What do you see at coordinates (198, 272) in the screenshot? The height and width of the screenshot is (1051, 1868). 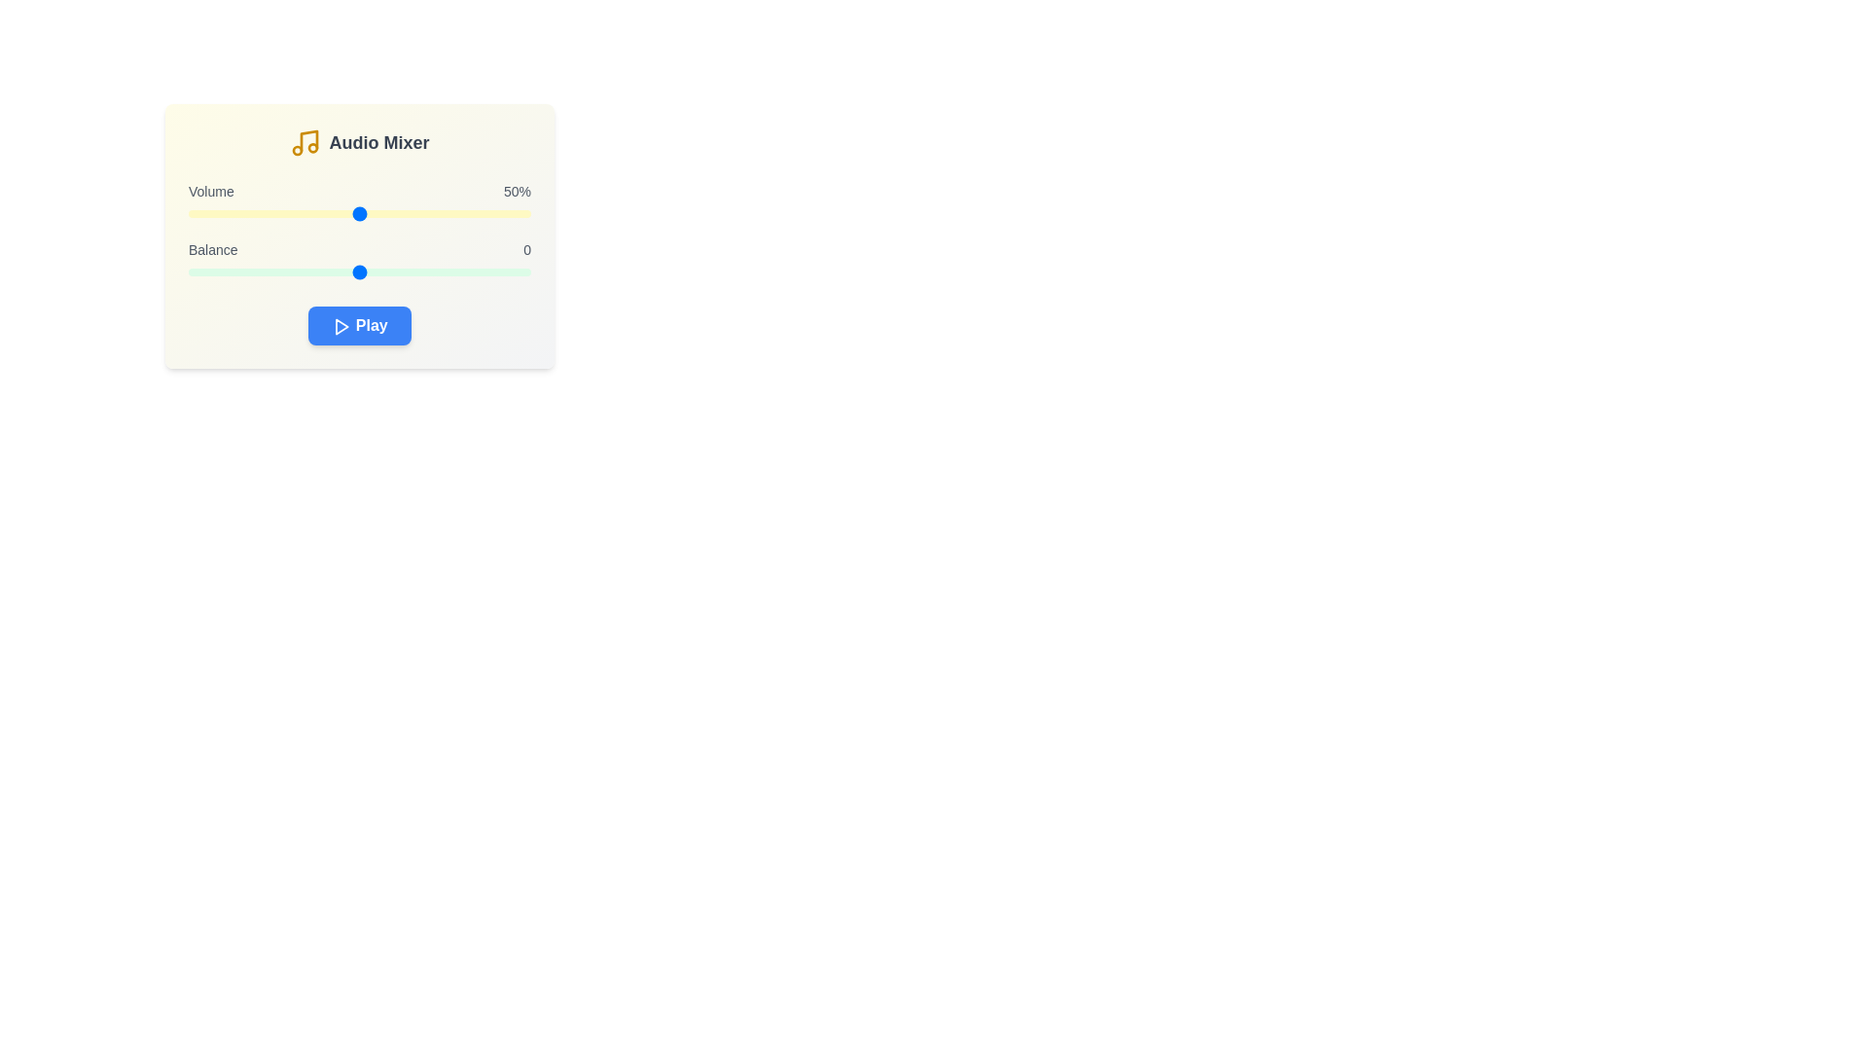 I see `balance` at bounding box center [198, 272].